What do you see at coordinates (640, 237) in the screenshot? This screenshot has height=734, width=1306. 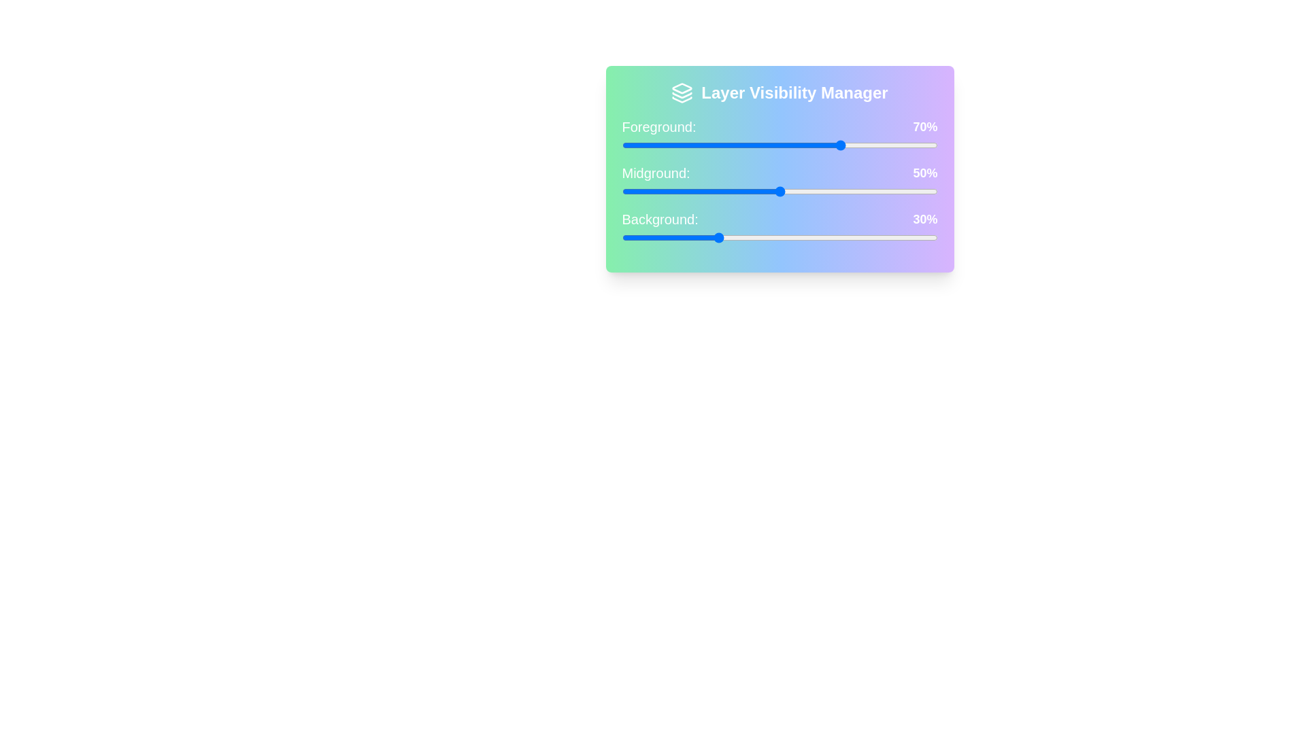 I see `the Background layer slider to 6% visibility` at bounding box center [640, 237].